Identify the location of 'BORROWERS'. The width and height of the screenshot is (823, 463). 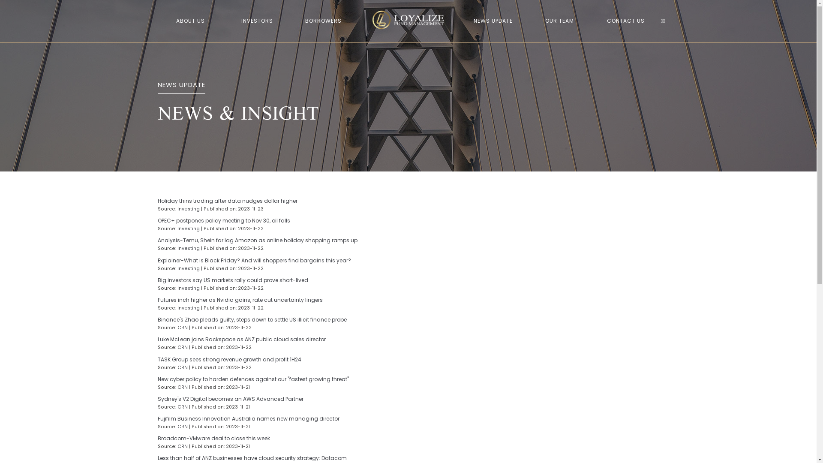
(323, 21).